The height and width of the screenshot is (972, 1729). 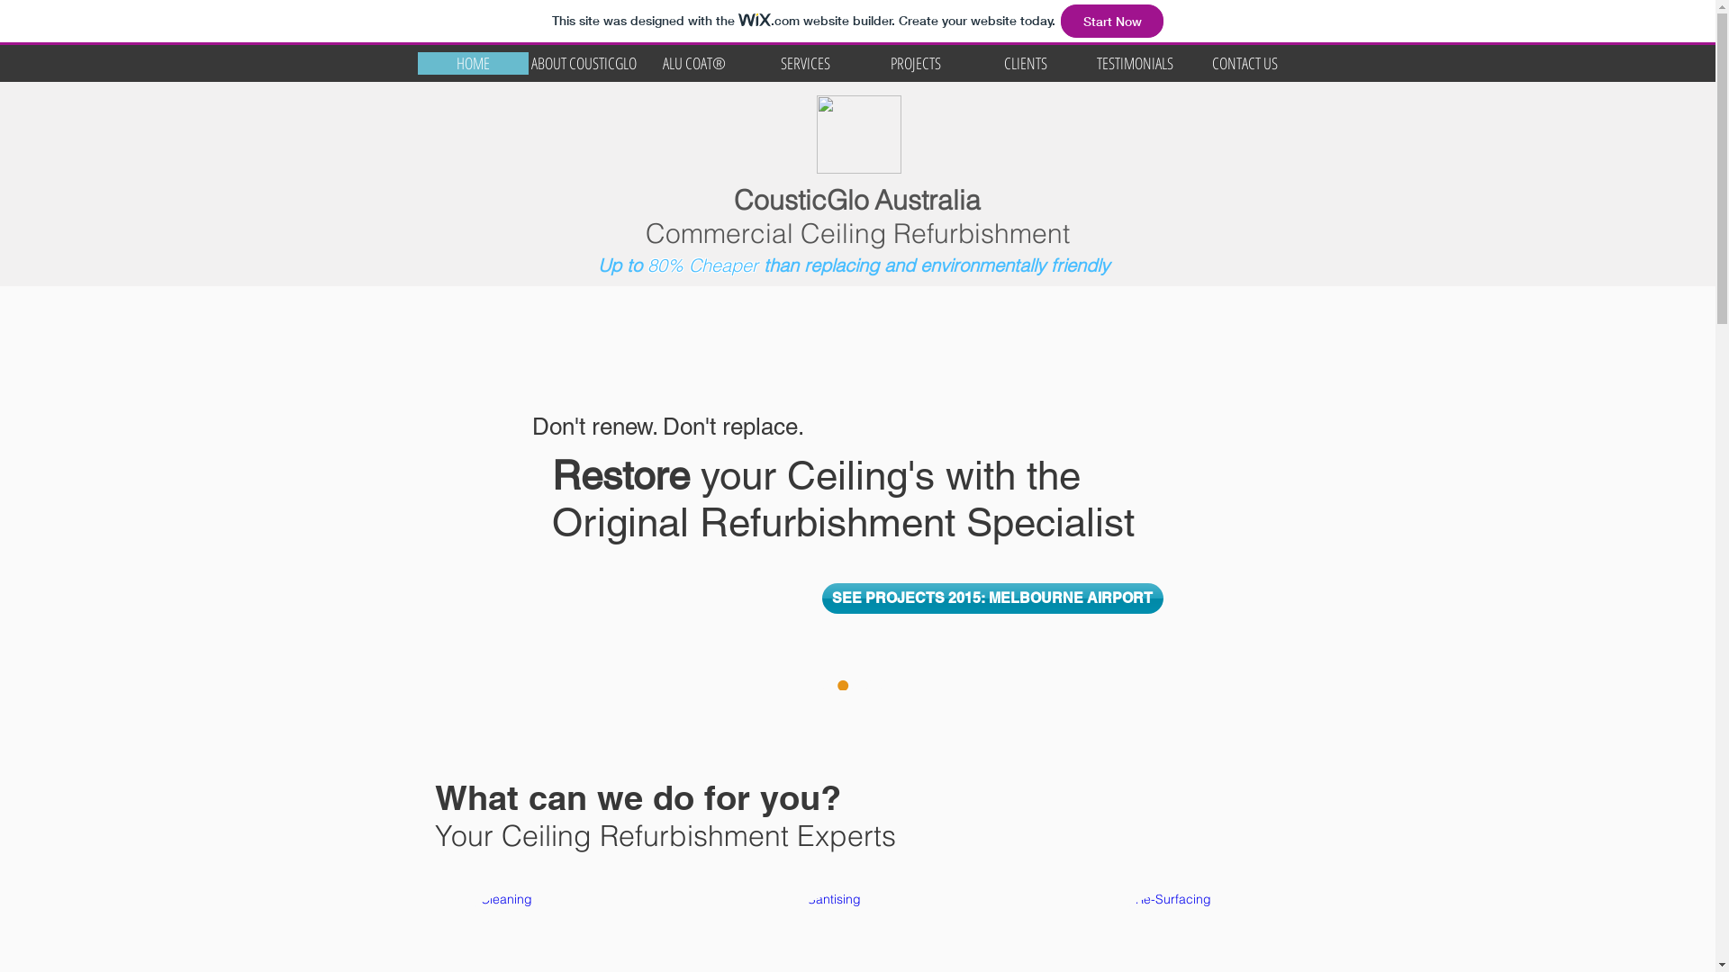 What do you see at coordinates (583, 62) in the screenshot?
I see `'ABOUT COUSTICGLO'` at bounding box center [583, 62].